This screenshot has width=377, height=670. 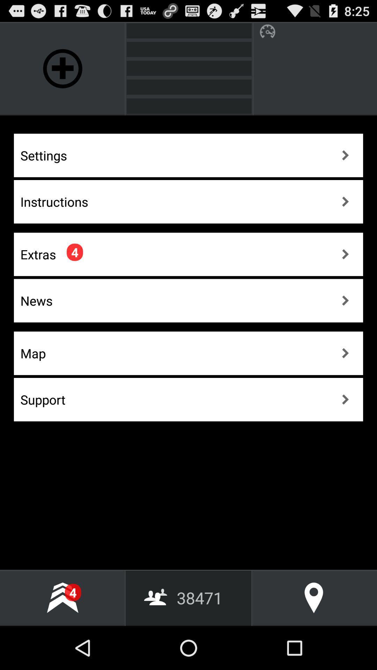 I want to click on the button which is above the support, so click(x=188, y=353).